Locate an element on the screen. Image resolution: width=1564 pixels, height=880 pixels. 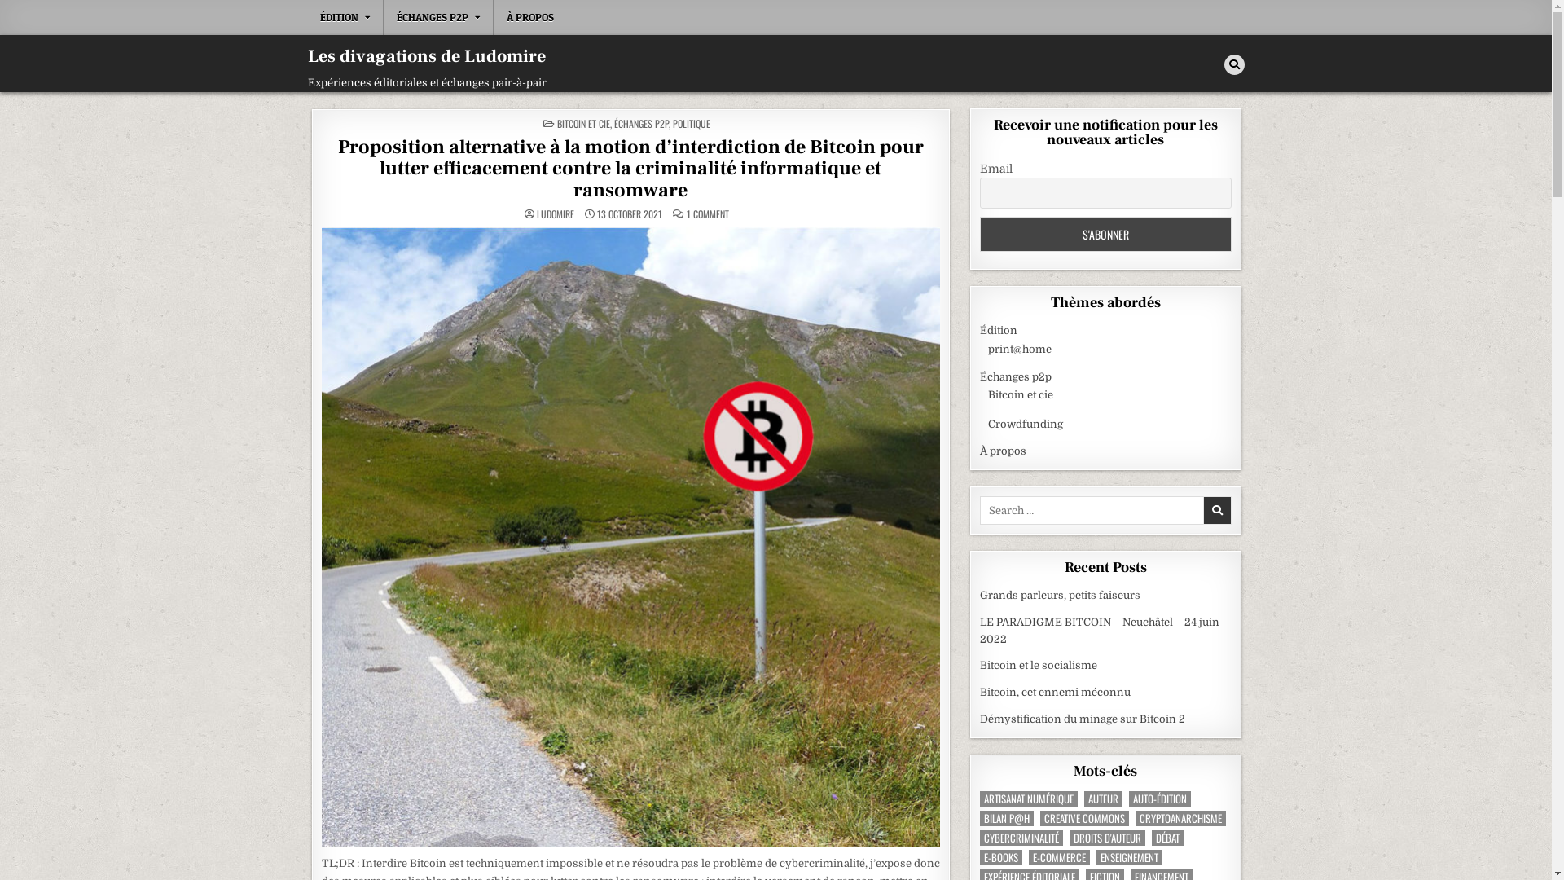
'CREATIVE COMMONS' is located at coordinates (1084, 818).